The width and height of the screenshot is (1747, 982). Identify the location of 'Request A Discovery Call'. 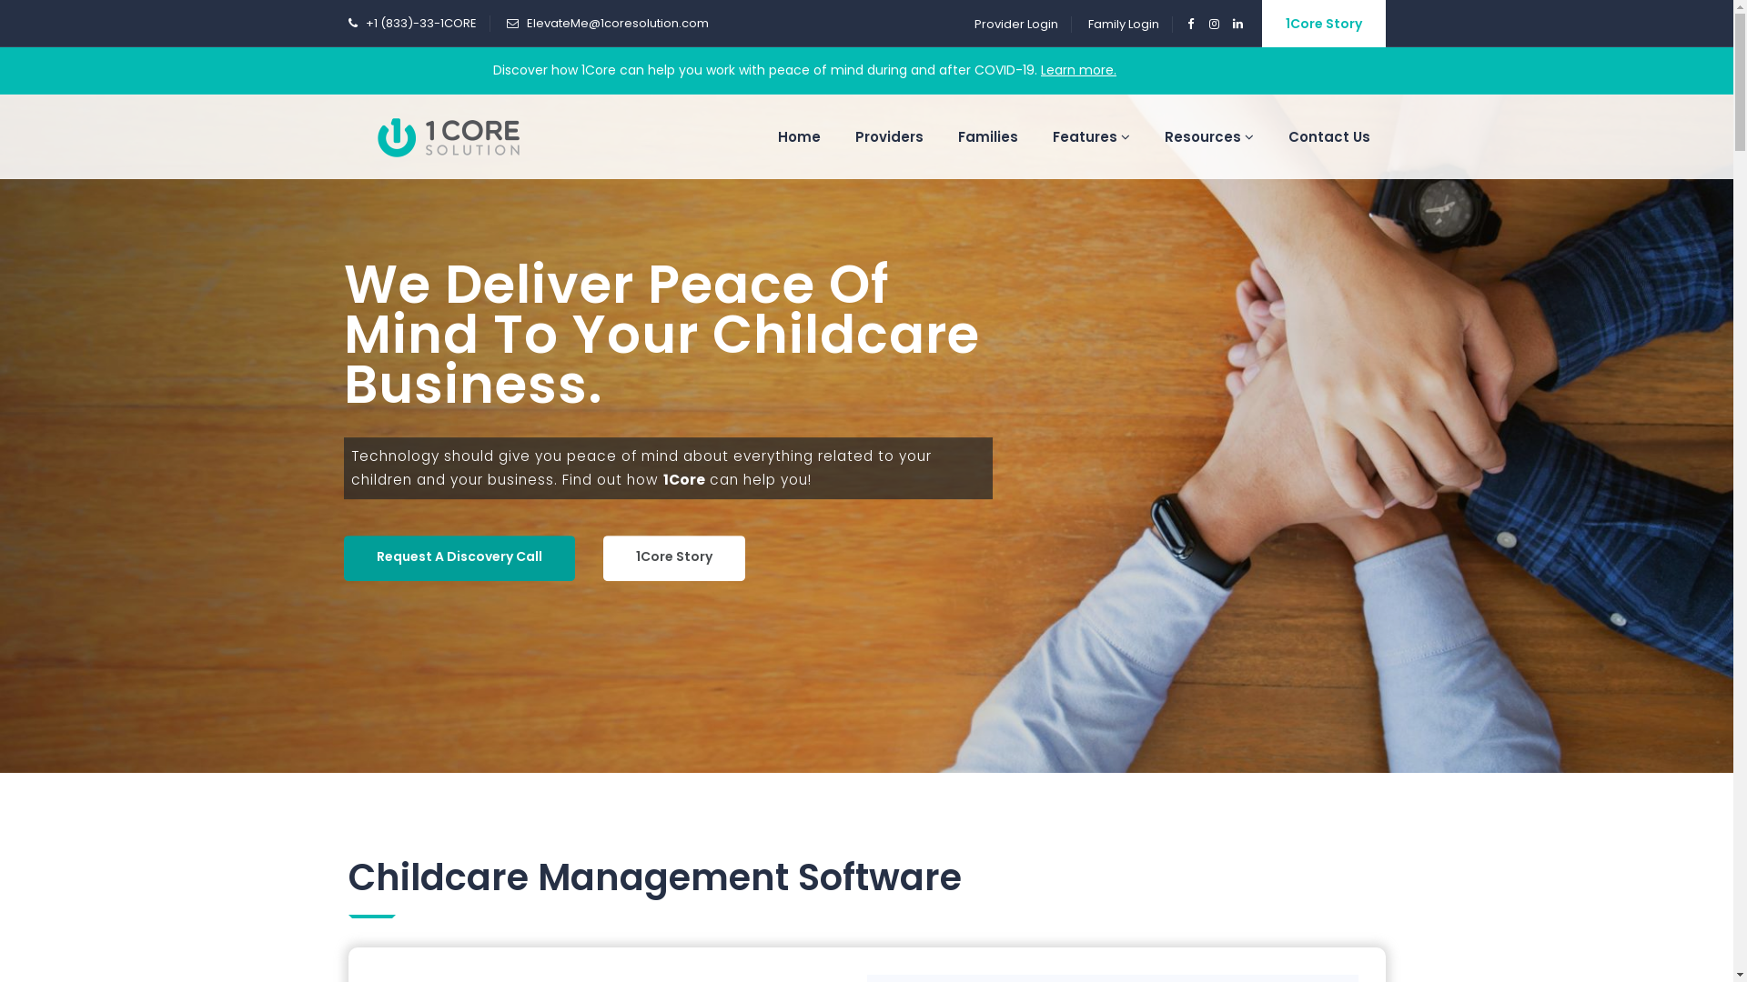
(459, 556).